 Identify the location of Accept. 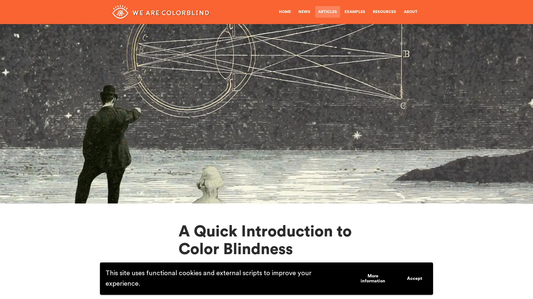
(414, 279).